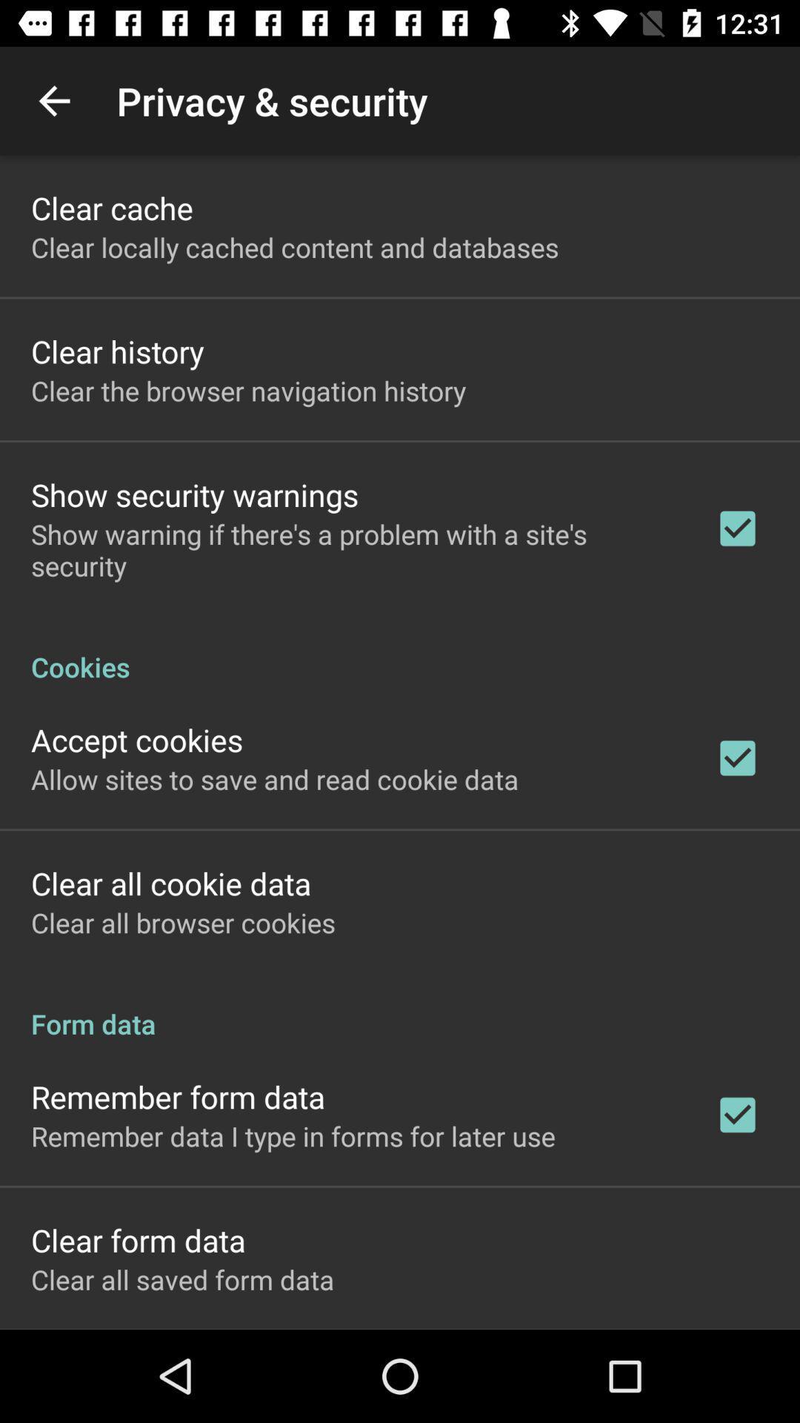 The width and height of the screenshot is (800, 1423). I want to click on the icon above the cookies app, so click(353, 549).